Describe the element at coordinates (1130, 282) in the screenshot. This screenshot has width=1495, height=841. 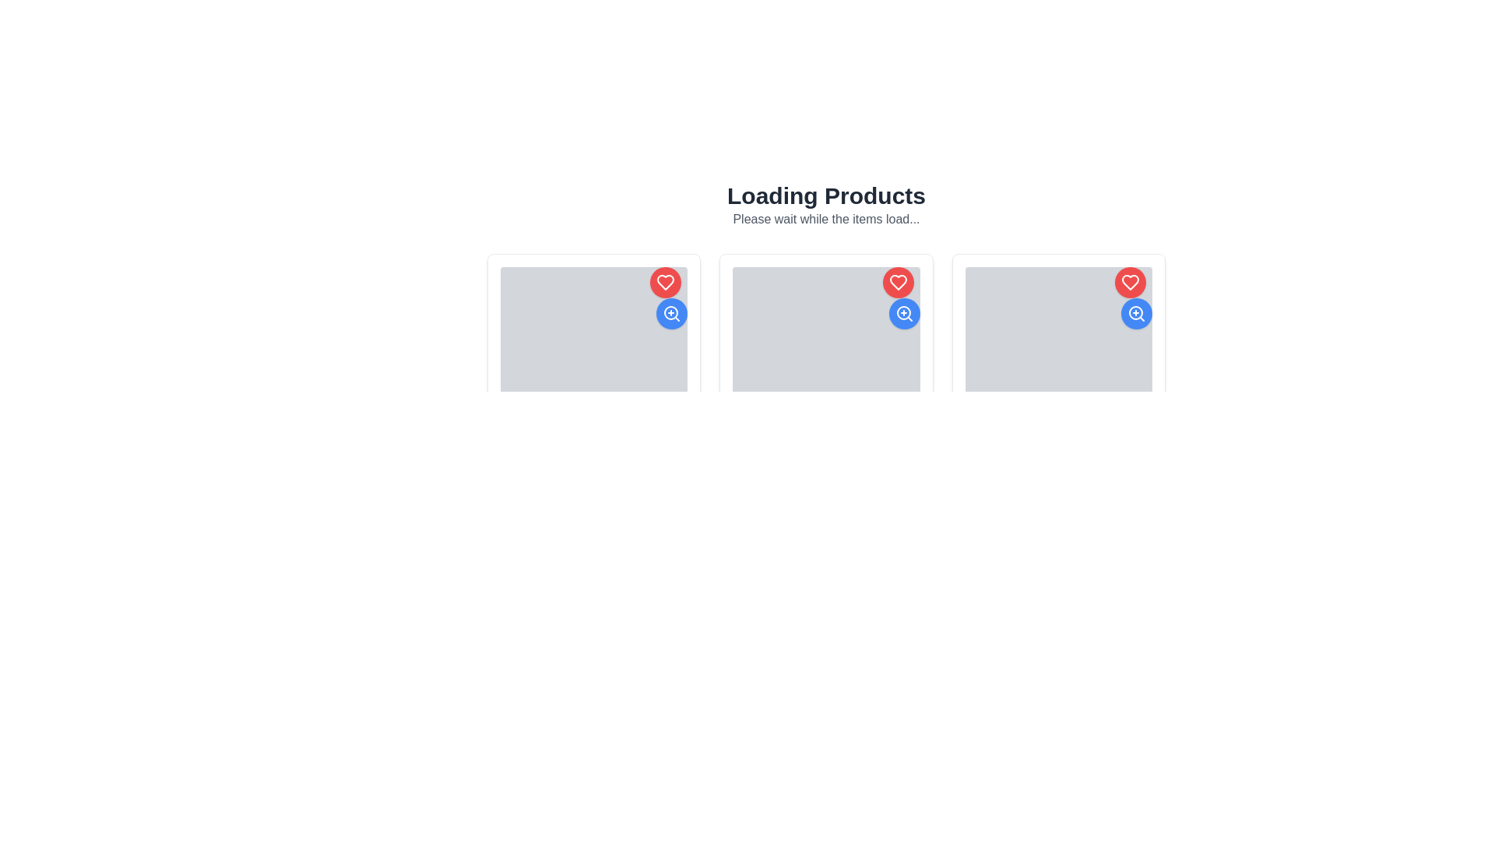
I see `the circular red button with a white heart icon located in the top-right corner of the third image thumbnail` at that location.